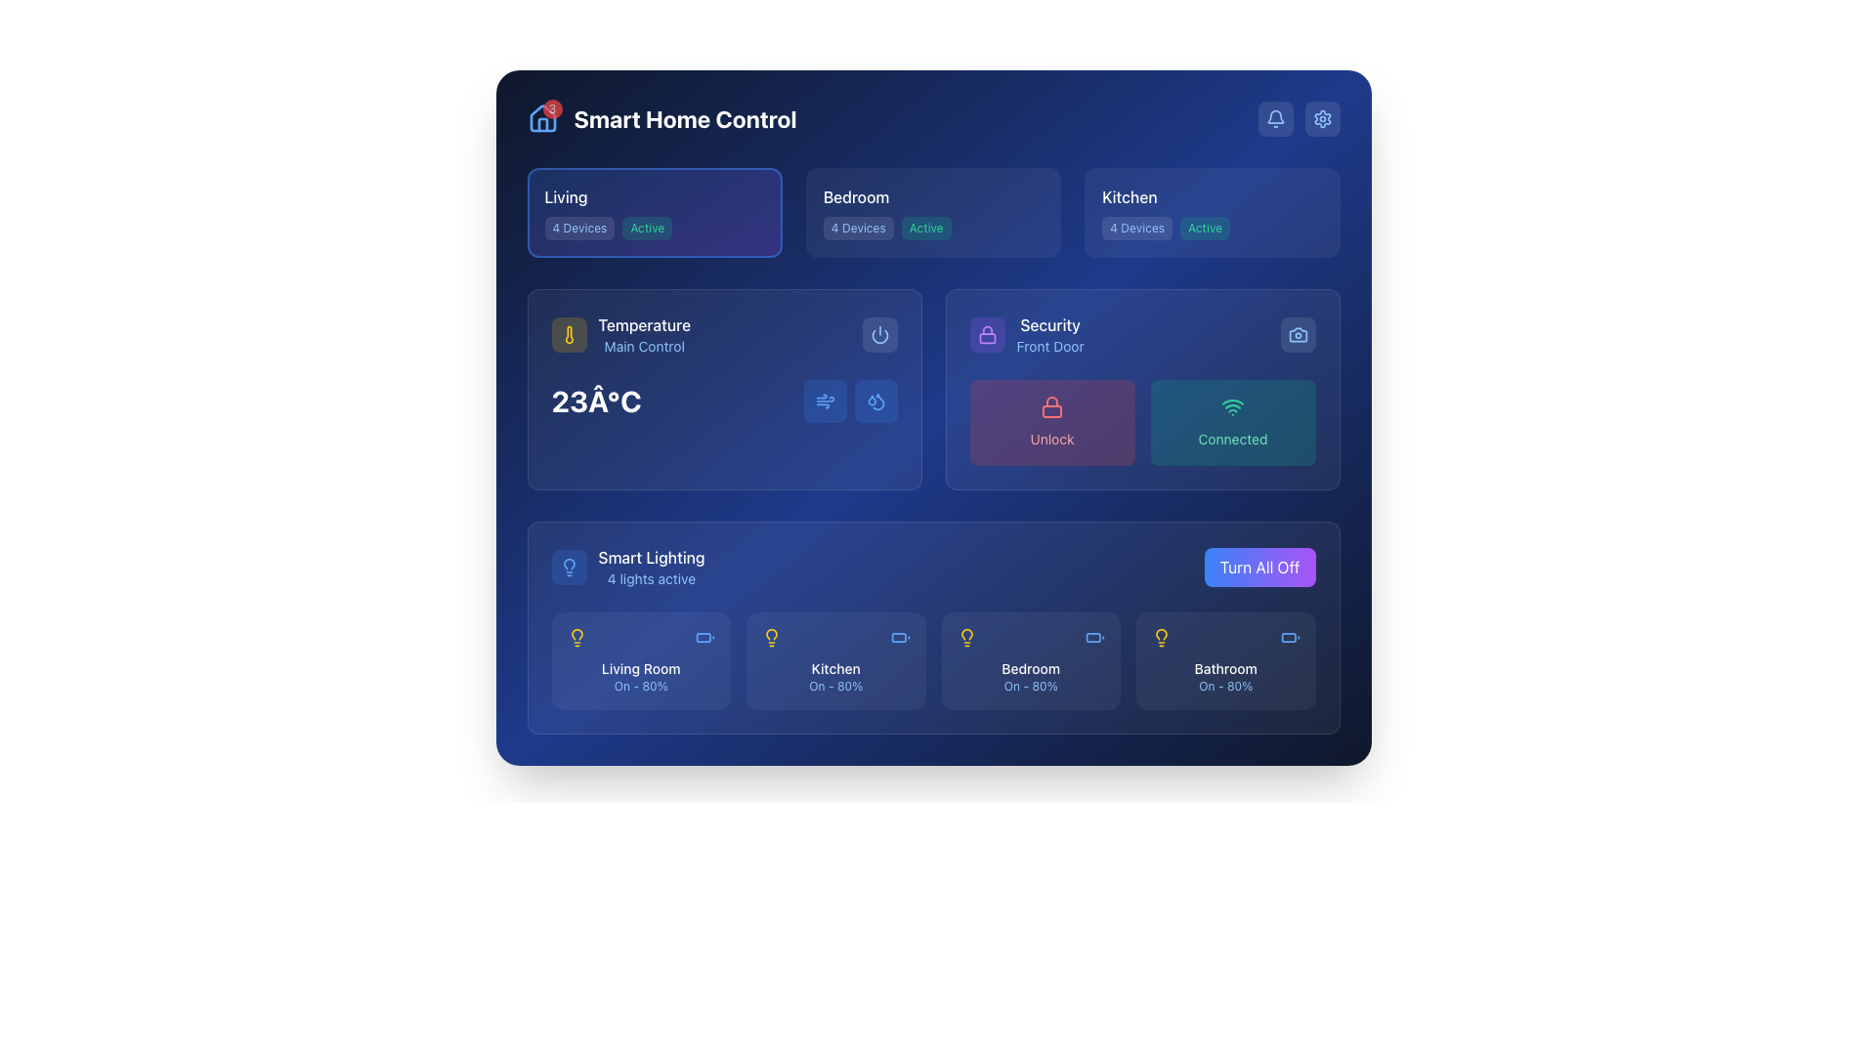  Describe the element at coordinates (1290, 637) in the screenshot. I see `the blue battery icon located in the bottom right corner of the 'Bathroom' card, next to the light bulb icon` at that location.